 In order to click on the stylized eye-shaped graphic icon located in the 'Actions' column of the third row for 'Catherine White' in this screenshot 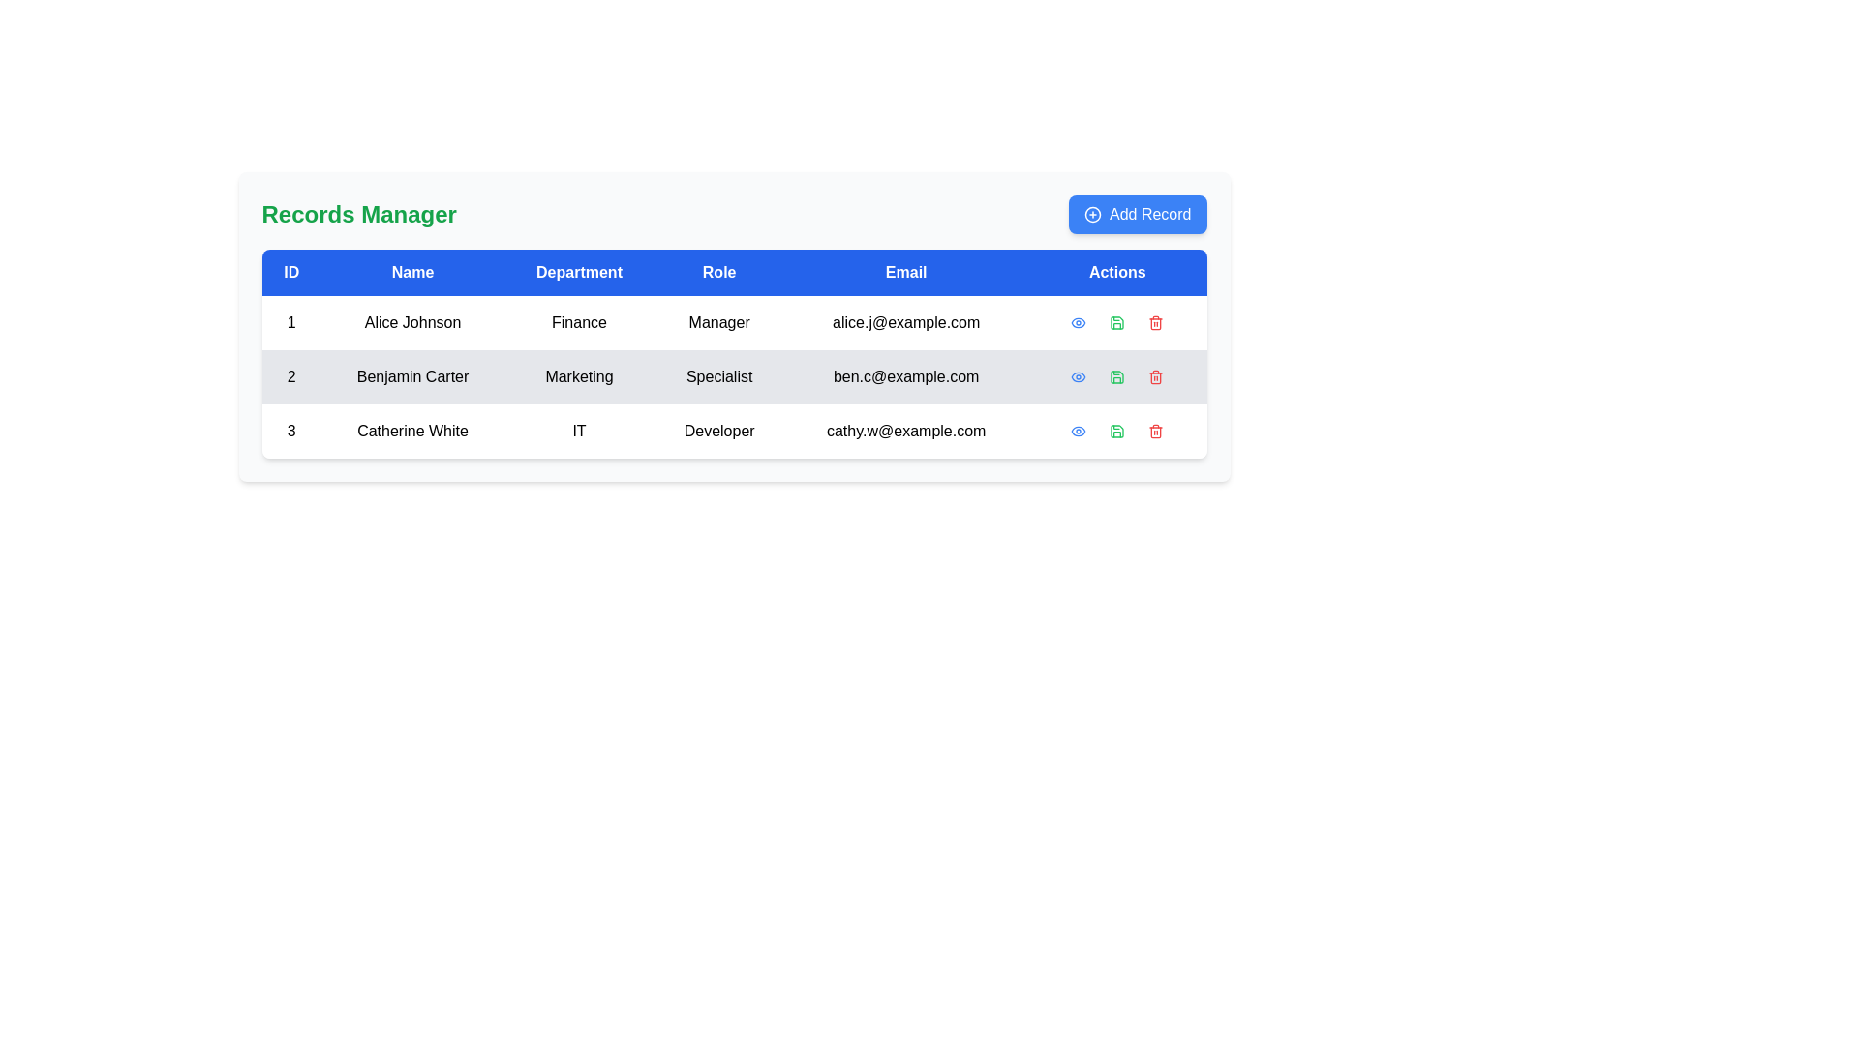, I will do `click(1078, 431)`.